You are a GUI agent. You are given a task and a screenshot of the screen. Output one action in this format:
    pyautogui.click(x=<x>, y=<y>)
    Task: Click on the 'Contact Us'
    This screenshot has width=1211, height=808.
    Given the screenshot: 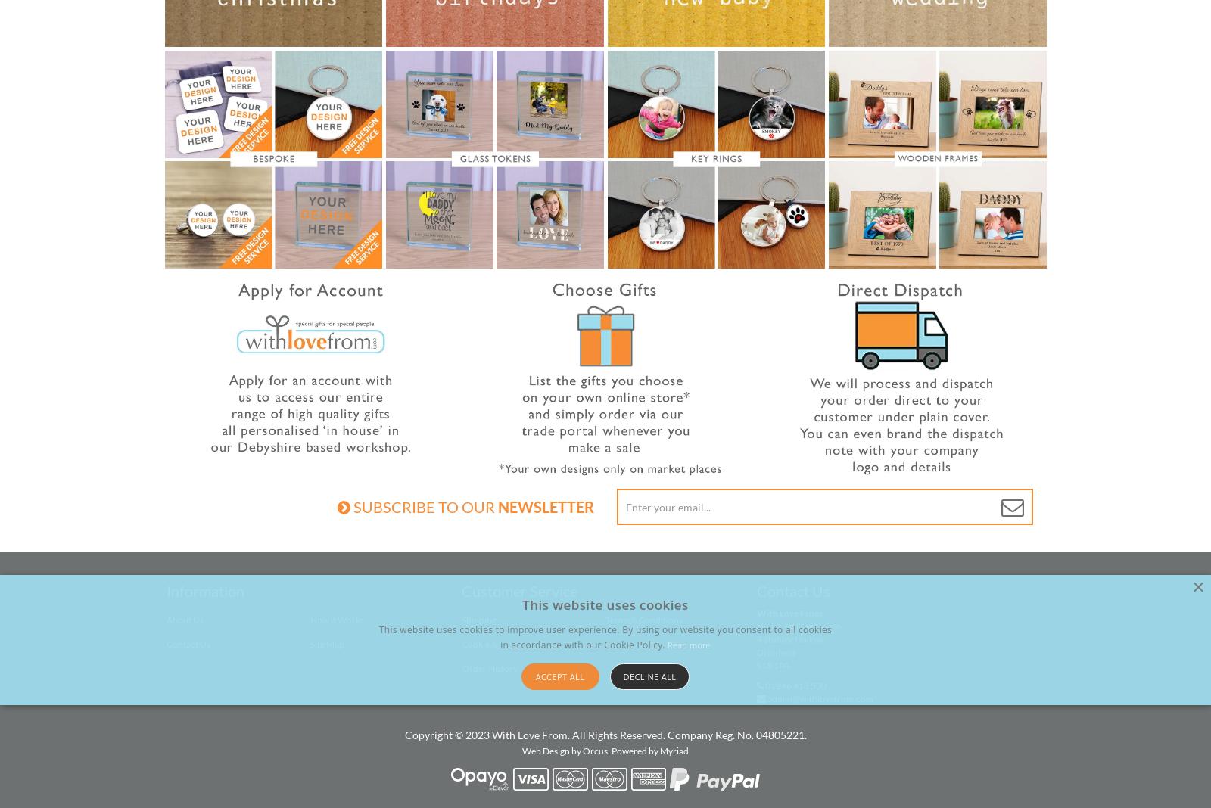 What is the action you would take?
    pyautogui.click(x=793, y=591)
    